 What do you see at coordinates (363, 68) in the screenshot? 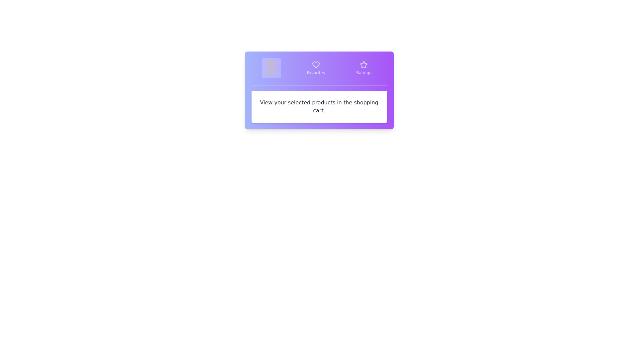
I see `the button featuring a star icon and the word 'Ratings' underneath` at bounding box center [363, 68].